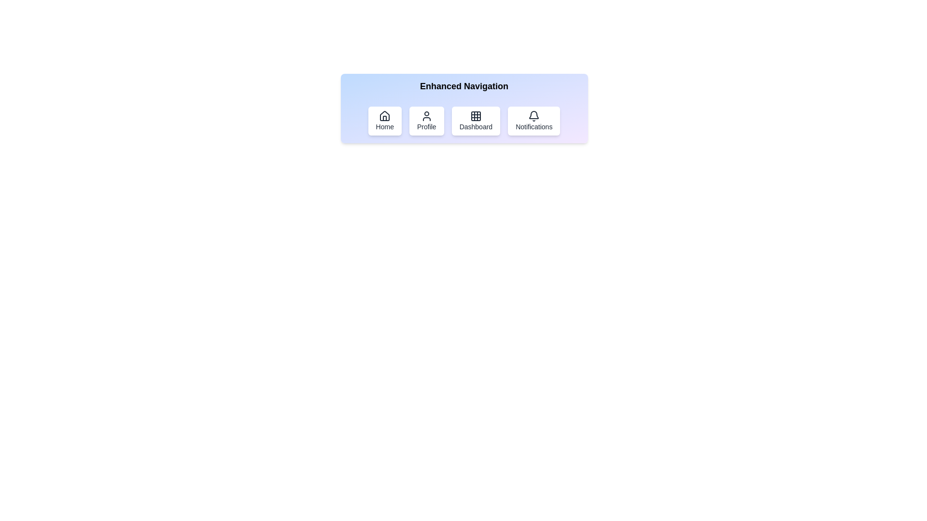 The height and width of the screenshot is (521, 927). I want to click on the 'Profile' button, which is a rounded rectangle with a user icon and the label 'Profile' beneath it, so click(426, 120).